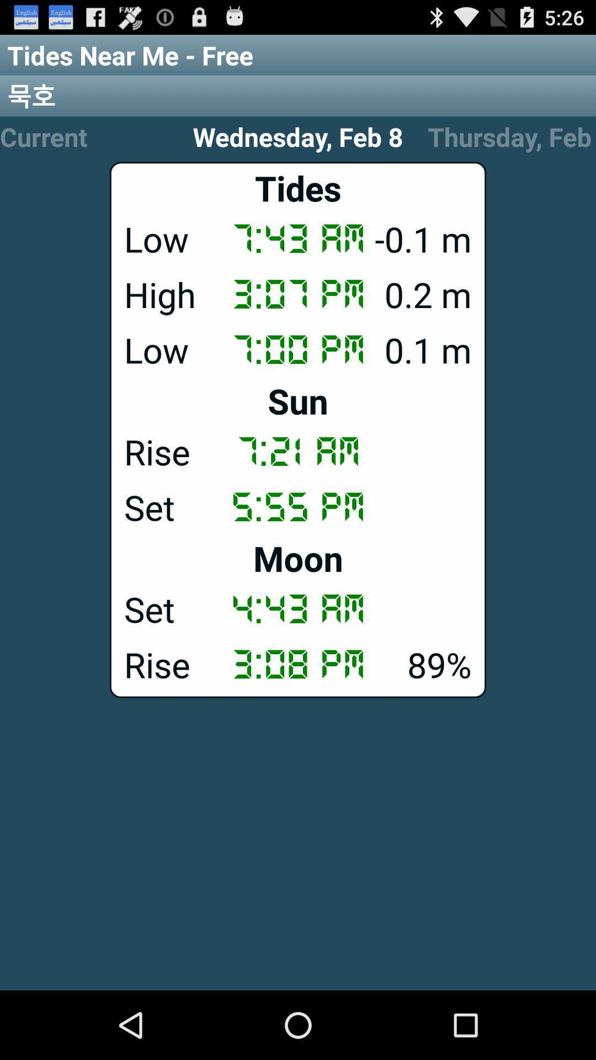 The height and width of the screenshot is (1060, 596). What do you see at coordinates (298, 400) in the screenshot?
I see `the sun icon` at bounding box center [298, 400].